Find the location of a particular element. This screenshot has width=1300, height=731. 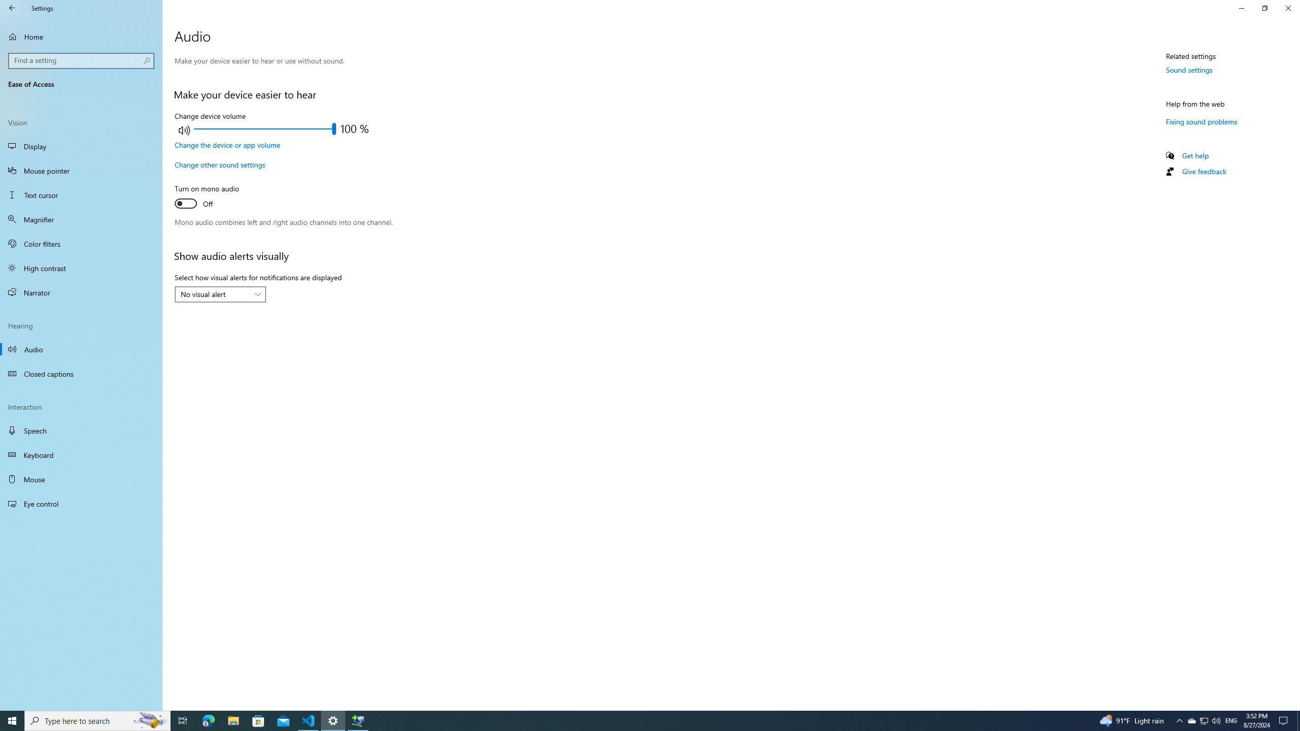

'Fixing sound problems' is located at coordinates (1201, 121).